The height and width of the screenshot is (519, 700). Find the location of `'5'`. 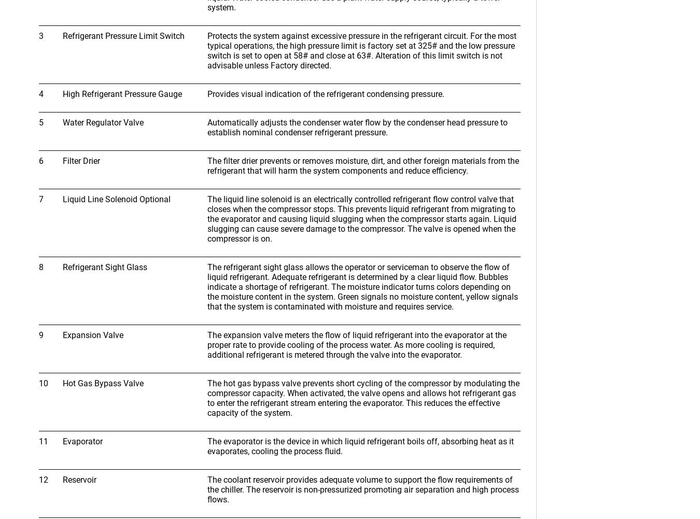

'5' is located at coordinates (40, 122).